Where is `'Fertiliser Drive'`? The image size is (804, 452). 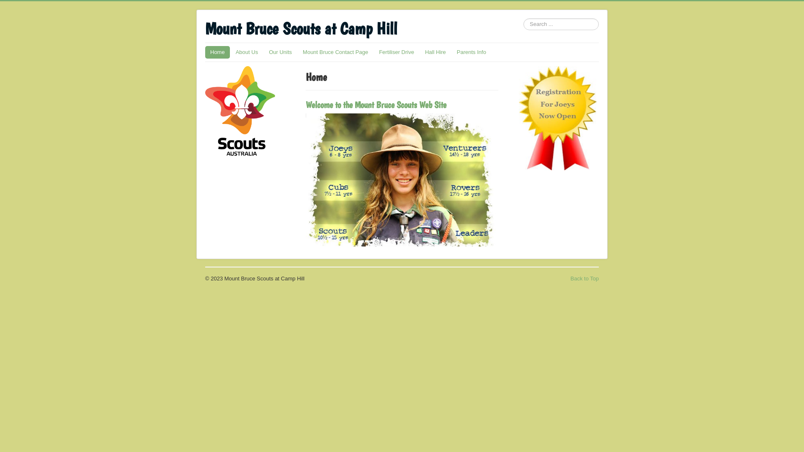 'Fertiliser Drive' is located at coordinates (396, 52).